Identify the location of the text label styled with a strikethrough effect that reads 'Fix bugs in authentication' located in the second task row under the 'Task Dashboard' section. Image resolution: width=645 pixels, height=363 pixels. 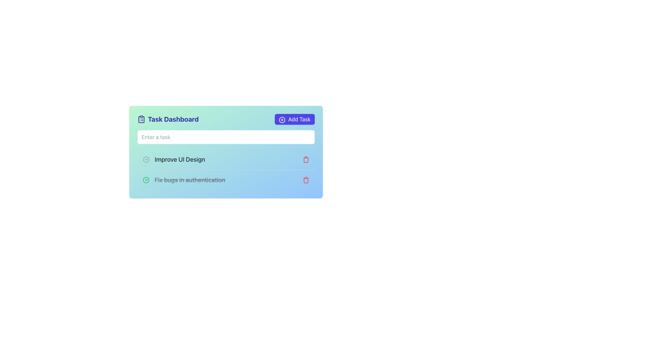
(189, 180).